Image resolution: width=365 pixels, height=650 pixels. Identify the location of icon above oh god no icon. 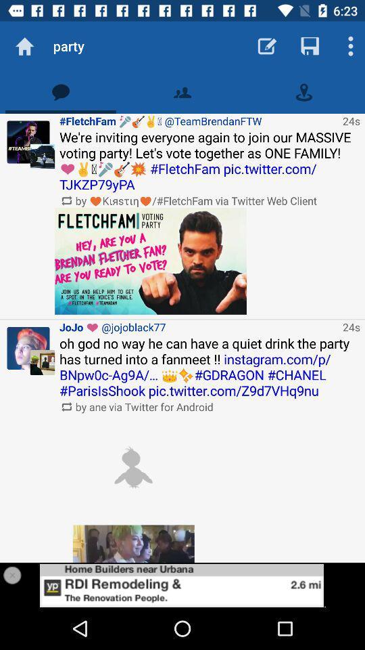
(198, 326).